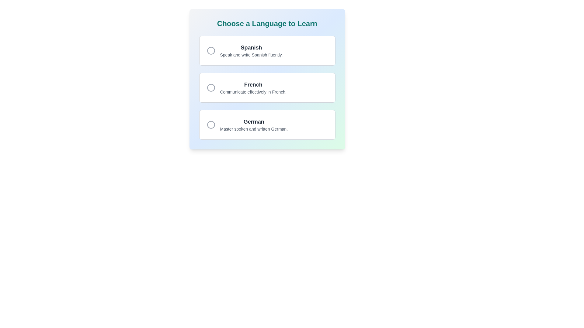 The image size is (584, 328). What do you see at coordinates (253, 88) in the screenshot?
I see `descriptive text label for the French language option, which provides information about its purpose and usage in the language selection interface` at bounding box center [253, 88].